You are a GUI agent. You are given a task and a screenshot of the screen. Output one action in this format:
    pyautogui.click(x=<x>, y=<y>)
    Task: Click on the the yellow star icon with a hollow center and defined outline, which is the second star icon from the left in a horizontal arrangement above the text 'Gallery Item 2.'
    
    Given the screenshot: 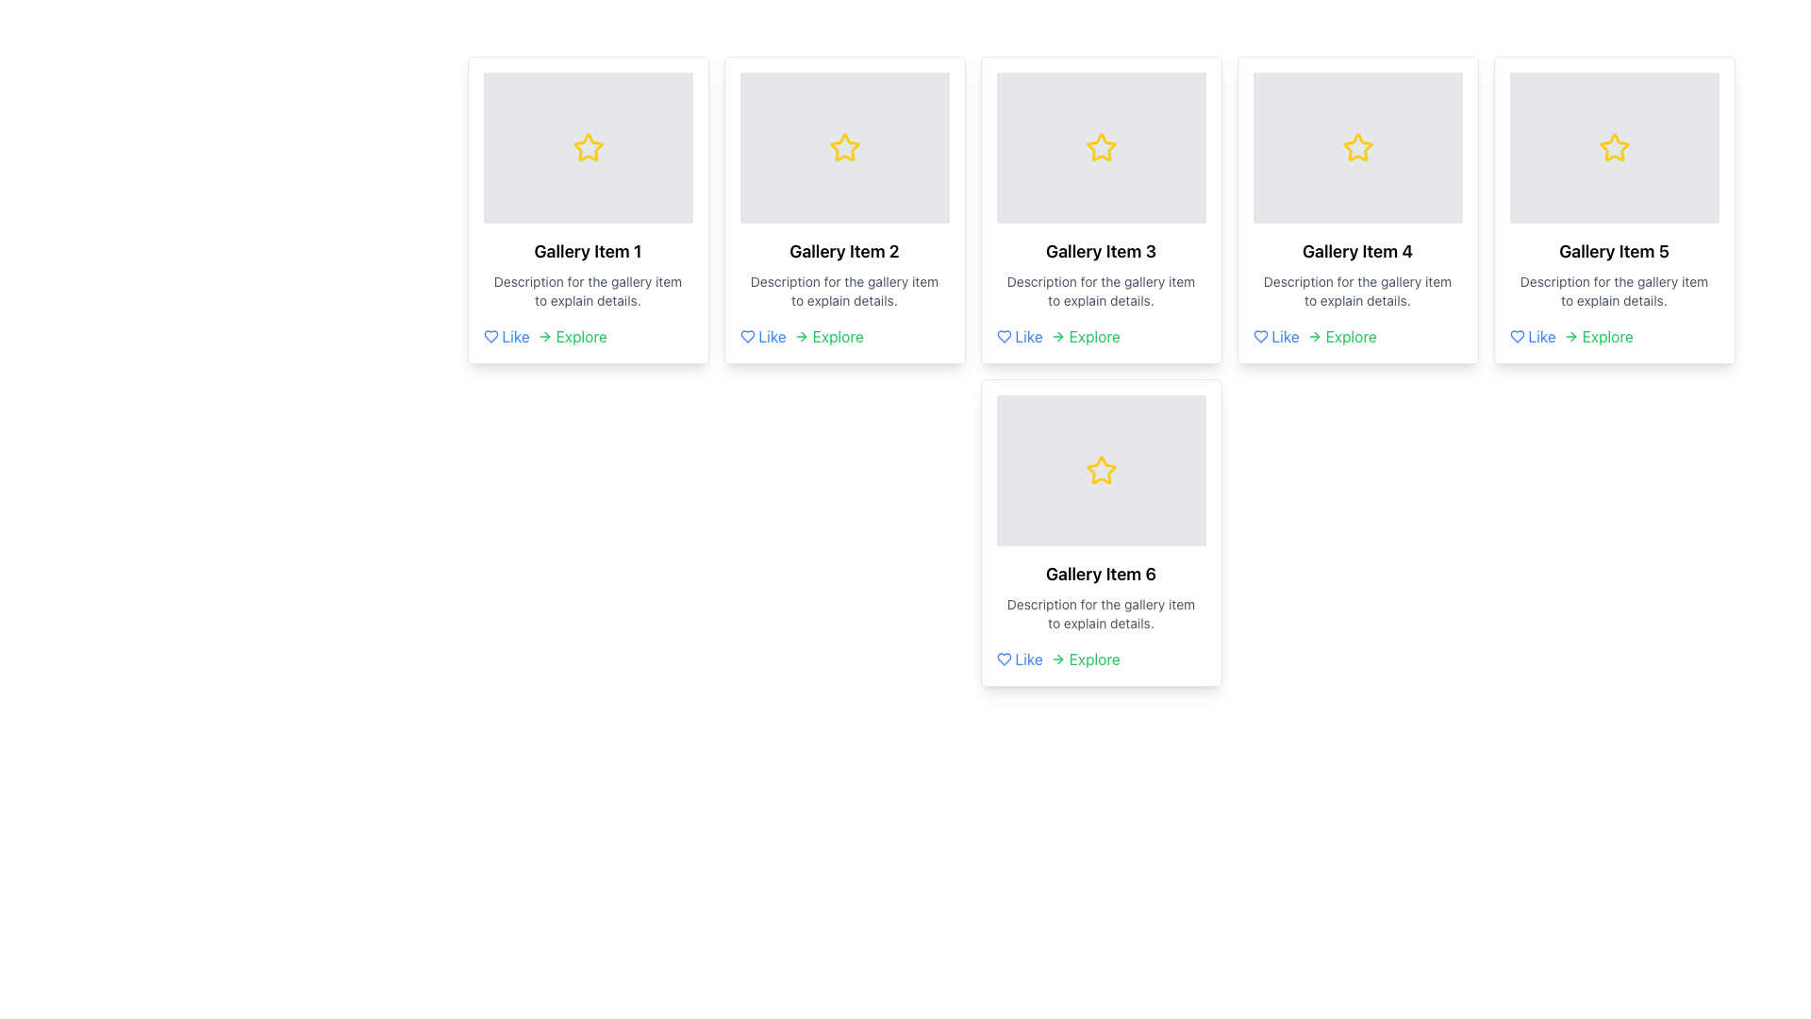 What is the action you would take?
    pyautogui.click(x=843, y=146)
    